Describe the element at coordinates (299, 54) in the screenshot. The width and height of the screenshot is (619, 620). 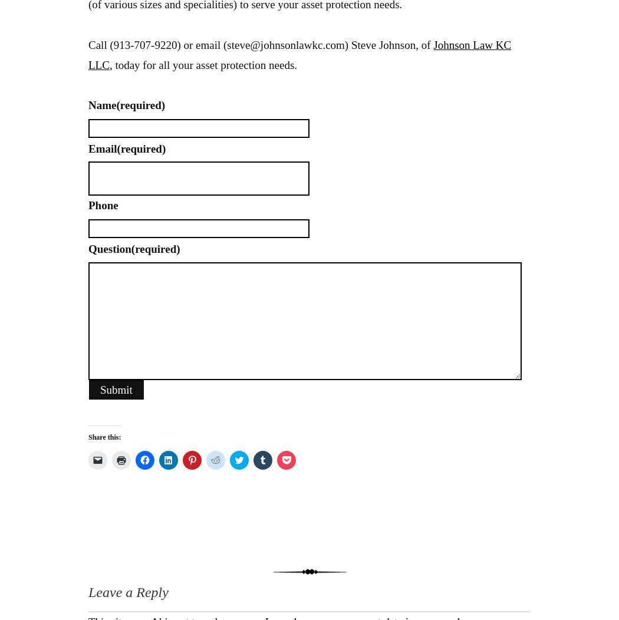
I see `'Johnson Law KC LLC'` at that location.